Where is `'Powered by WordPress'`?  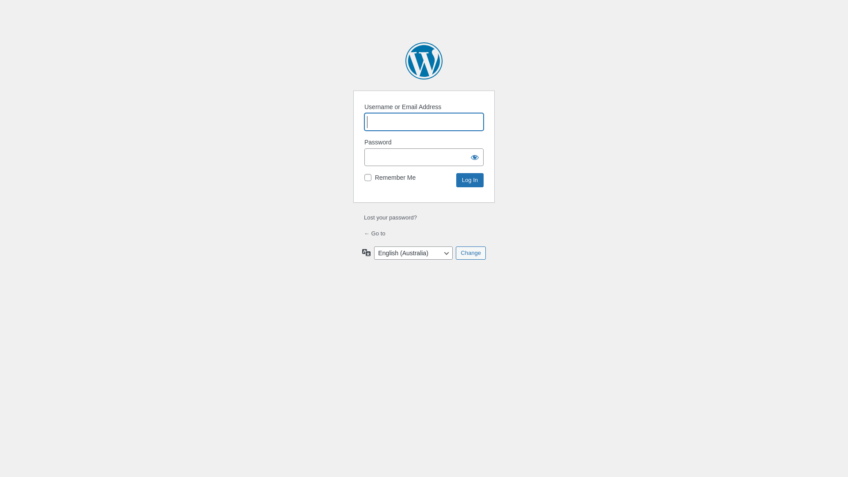 'Powered by WordPress' is located at coordinates (405, 61).